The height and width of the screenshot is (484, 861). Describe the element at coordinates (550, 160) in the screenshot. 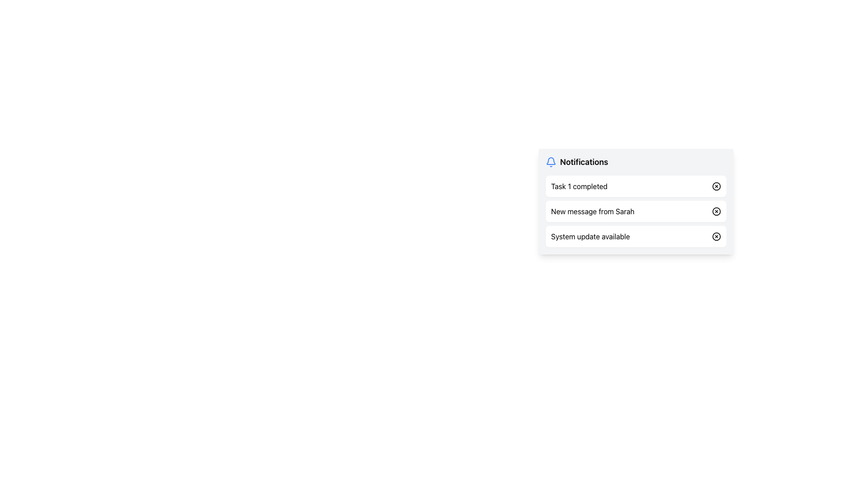

I see `the blue outlined arc-like graphical icon resembling the upper part of a bell, located to the left of the 'Notifications' heading in the notification area` at that location.